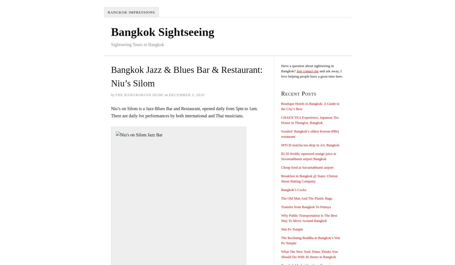  I want to click on 'The Old Man And The Plastic Bags', so click(306, 198).